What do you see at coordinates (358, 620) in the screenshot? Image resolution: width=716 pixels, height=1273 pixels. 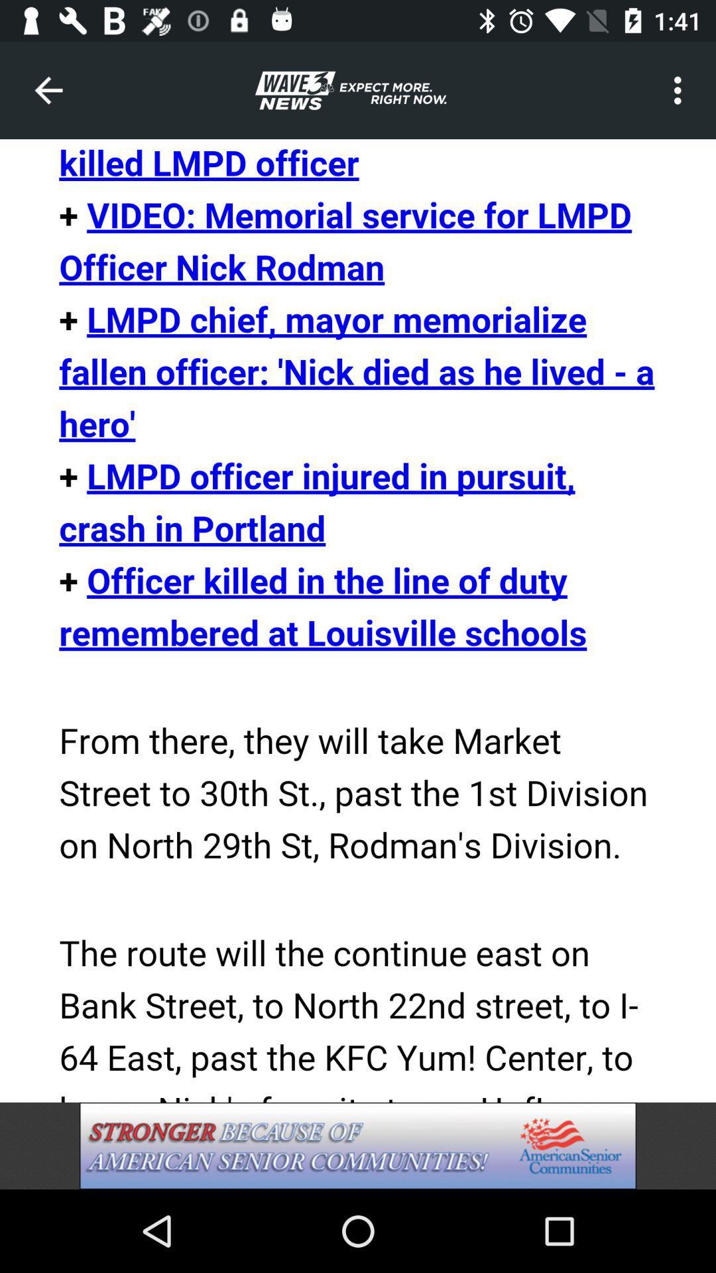 I see `read article` at bounding box center [358, 620].